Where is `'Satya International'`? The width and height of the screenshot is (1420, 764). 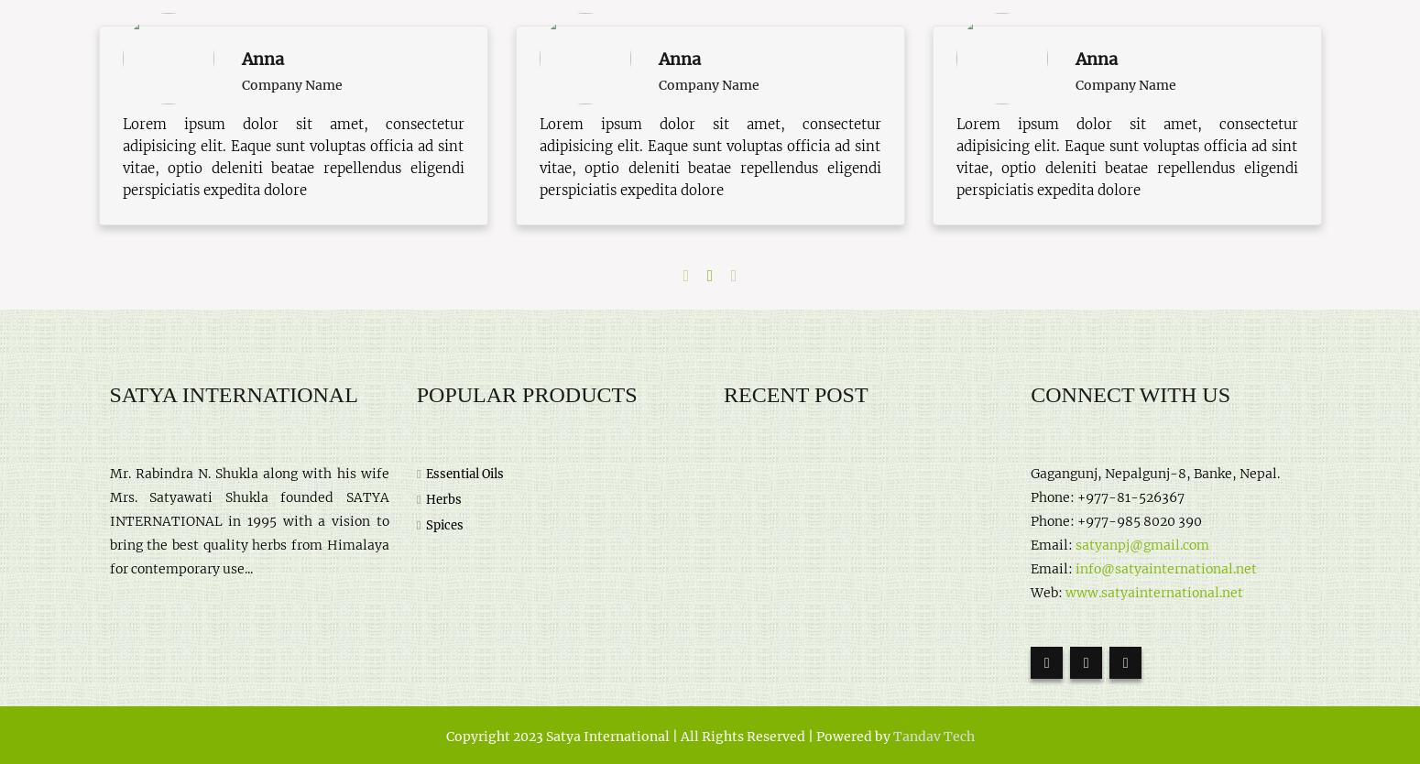
'Satya International' is located at coordinates (233, 394).